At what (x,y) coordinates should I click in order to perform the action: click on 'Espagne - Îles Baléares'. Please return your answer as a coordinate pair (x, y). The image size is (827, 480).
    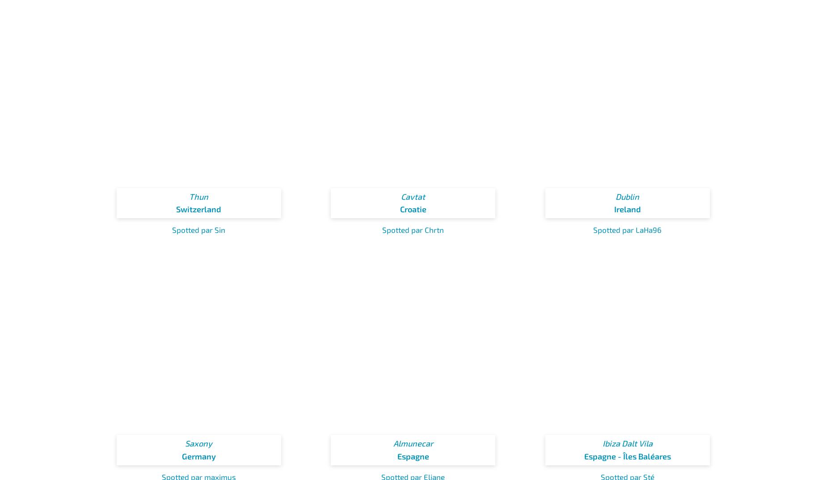
    Looking at the image, I should click on (627, 456).